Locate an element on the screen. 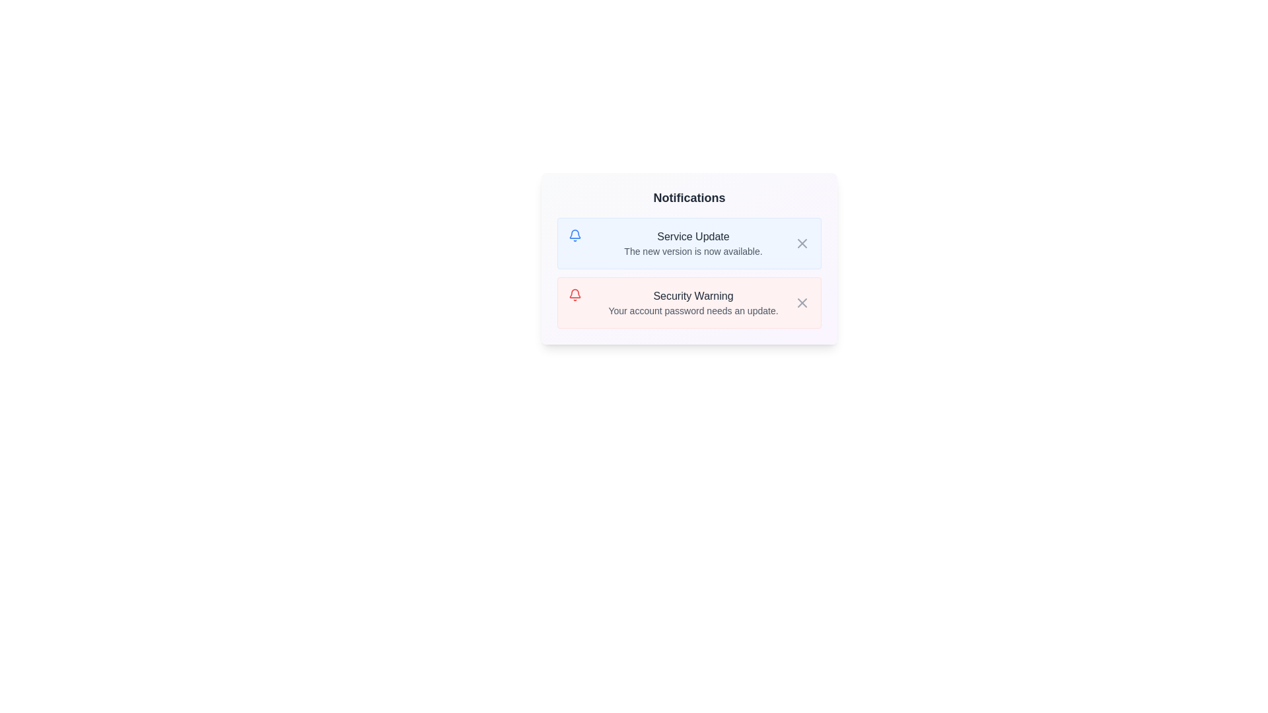 The width and height of the screenshot is (1268, 713). the blue bell icon located in the top-left of the notification panel is located at coordinates (575, 235).